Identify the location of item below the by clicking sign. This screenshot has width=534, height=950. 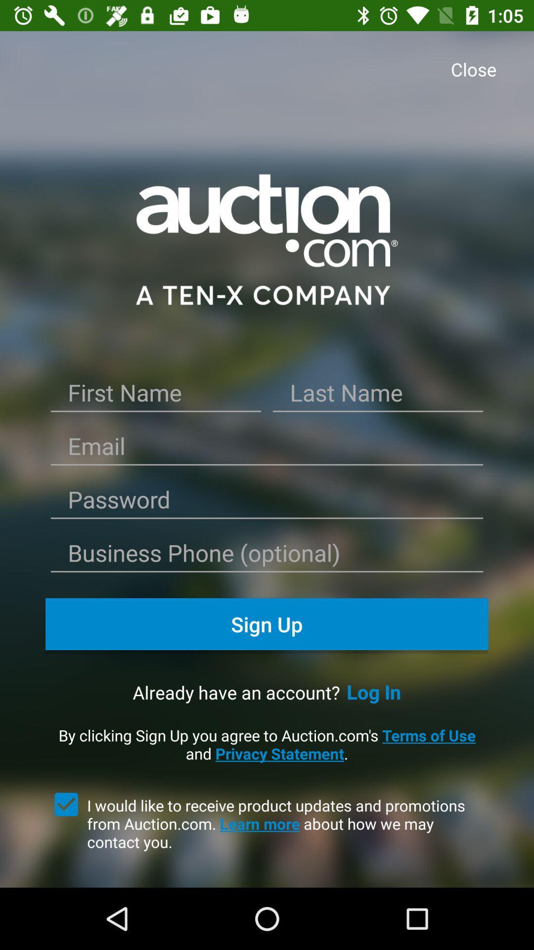
(288, 823).